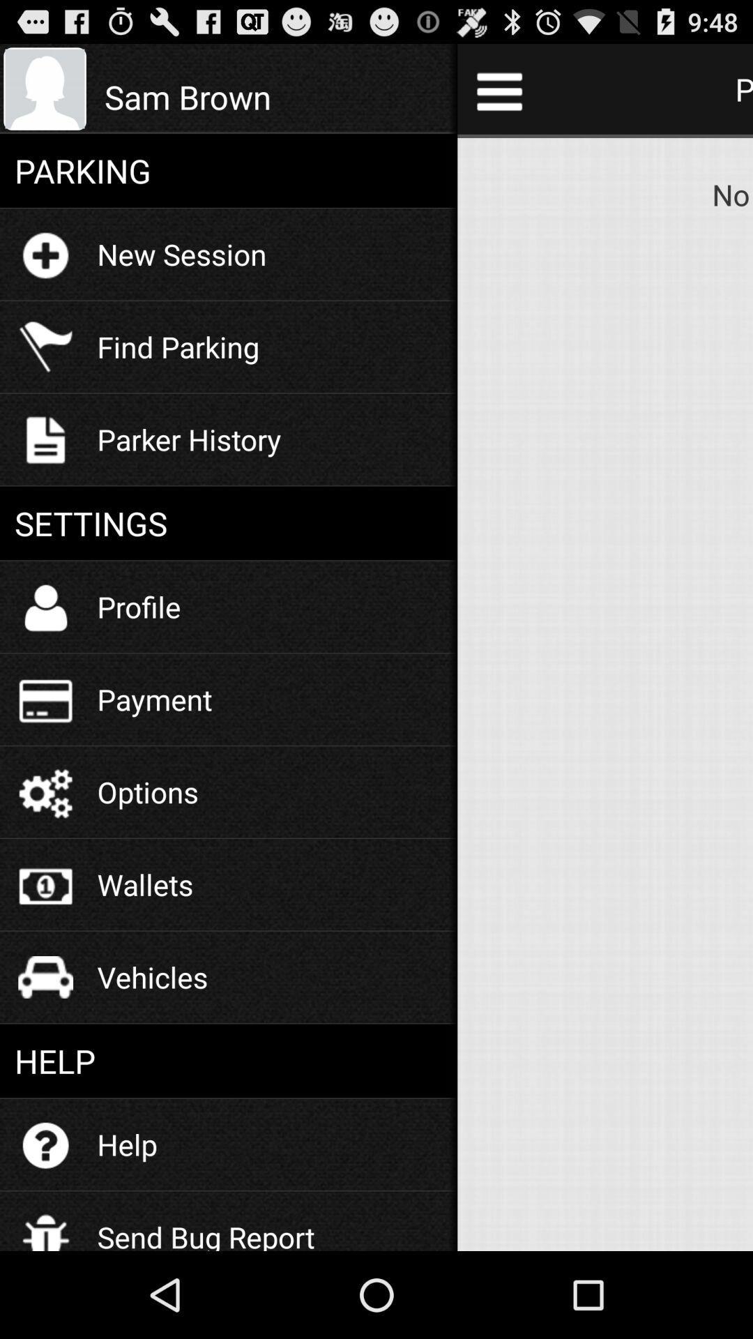 This screenshot has width=753, height=1339. Describe the element at coordinates (153, 976) in the screenshot. I see `icon above the help item` at that location.